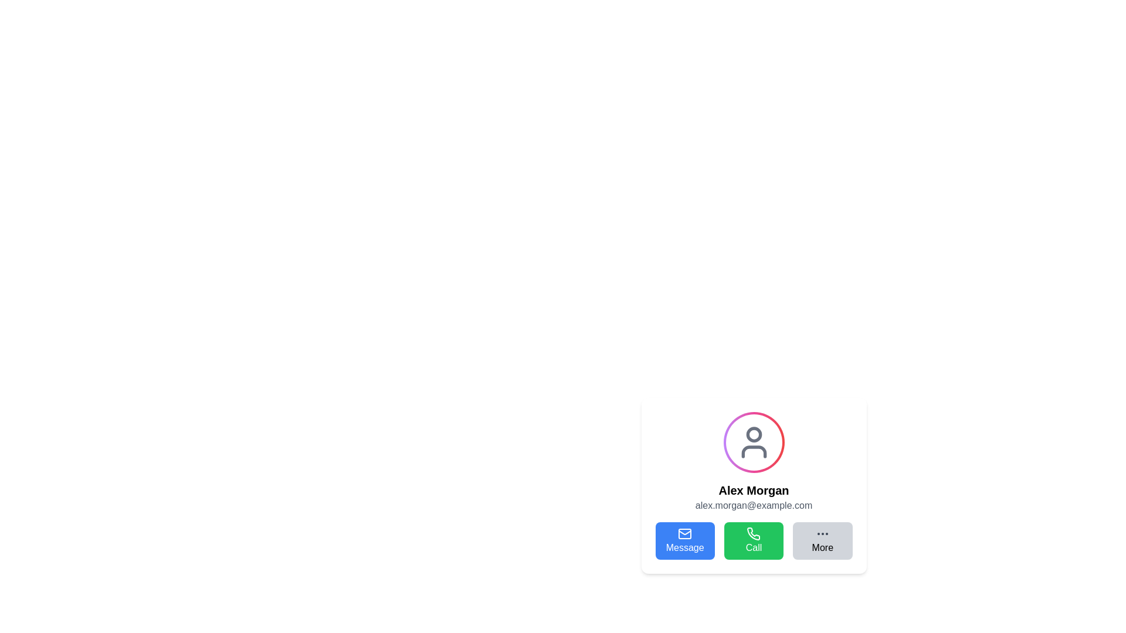 The width and height of the screenshot is (1126, 633). I want to click on the text label displaying the name 'Alex Morgan', which is located centrally above the email address 'alex.morgan@example.com' and directly below the avatar image, so click(754, 491).